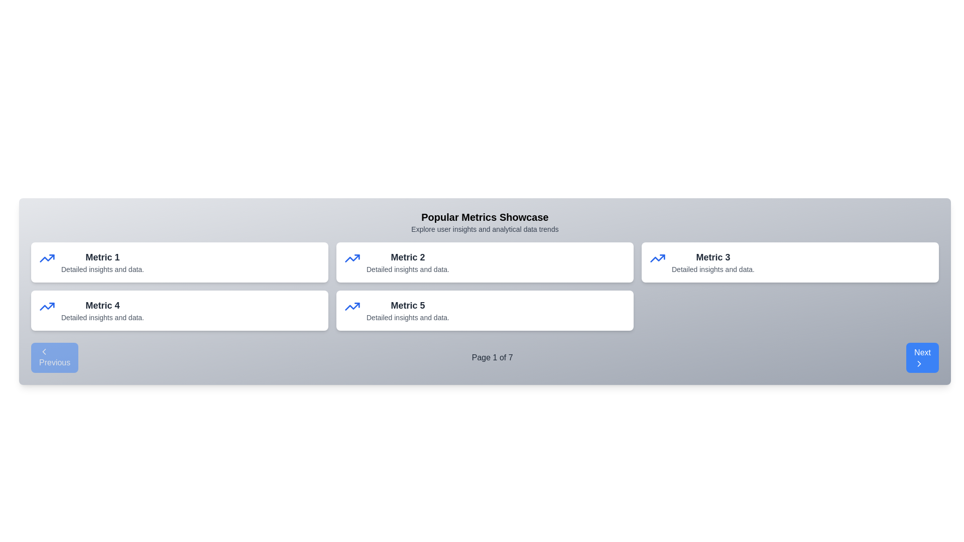  What do you see at coordinates (99, 262) in the screenshot?
I see `descriptive content of the Text block labeled 'Metric 1' within the white rounded card at the top left of the metrics grid` at bounding box center [99, 262].